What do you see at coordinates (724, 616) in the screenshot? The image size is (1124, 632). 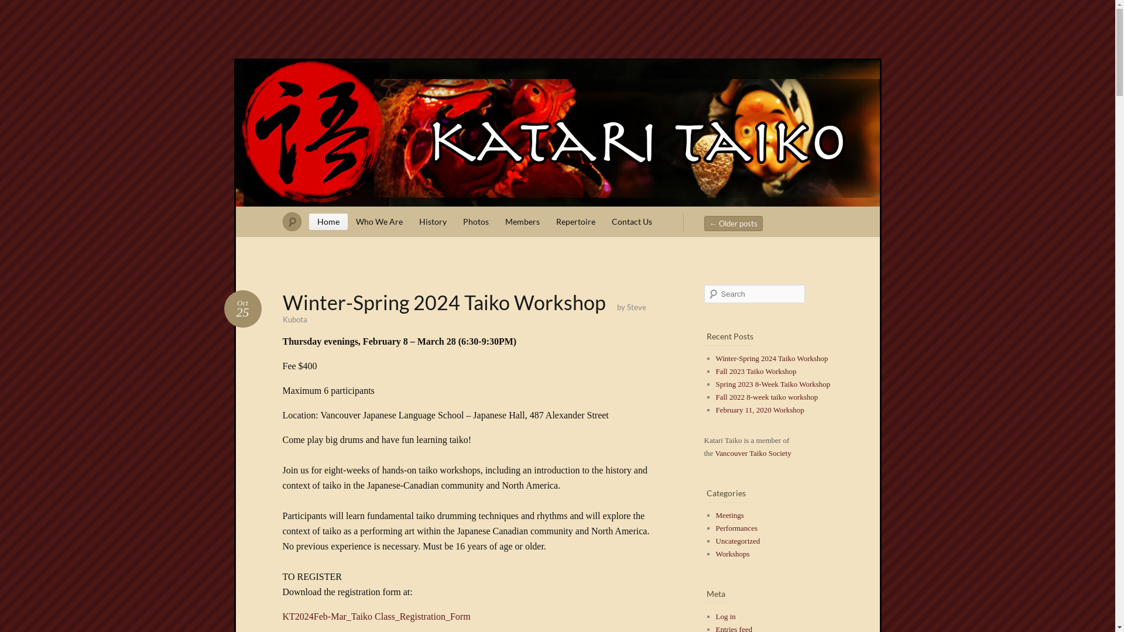 I see `'Log in'` at bounding box center [724, 616].